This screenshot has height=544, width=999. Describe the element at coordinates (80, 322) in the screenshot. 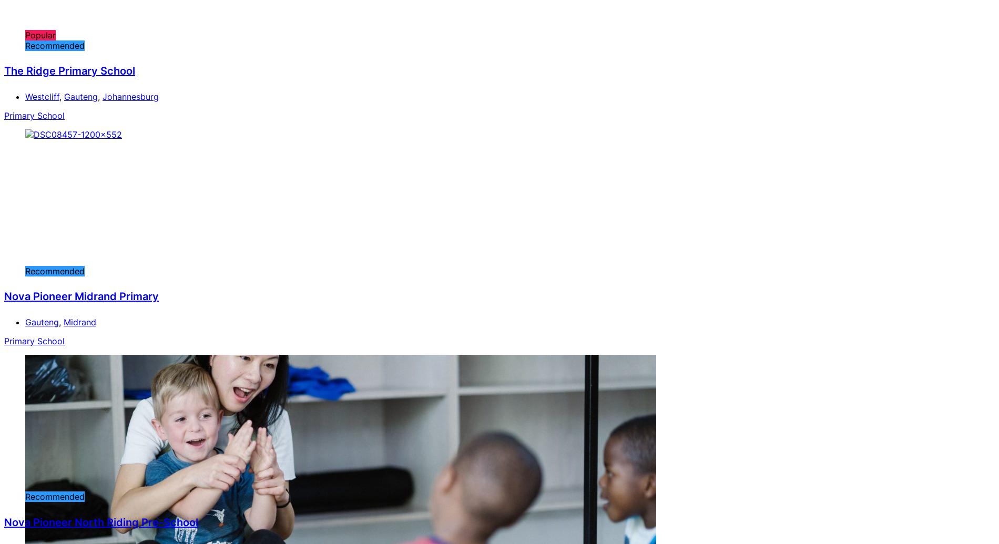

I see `'Midrand'` at that location.